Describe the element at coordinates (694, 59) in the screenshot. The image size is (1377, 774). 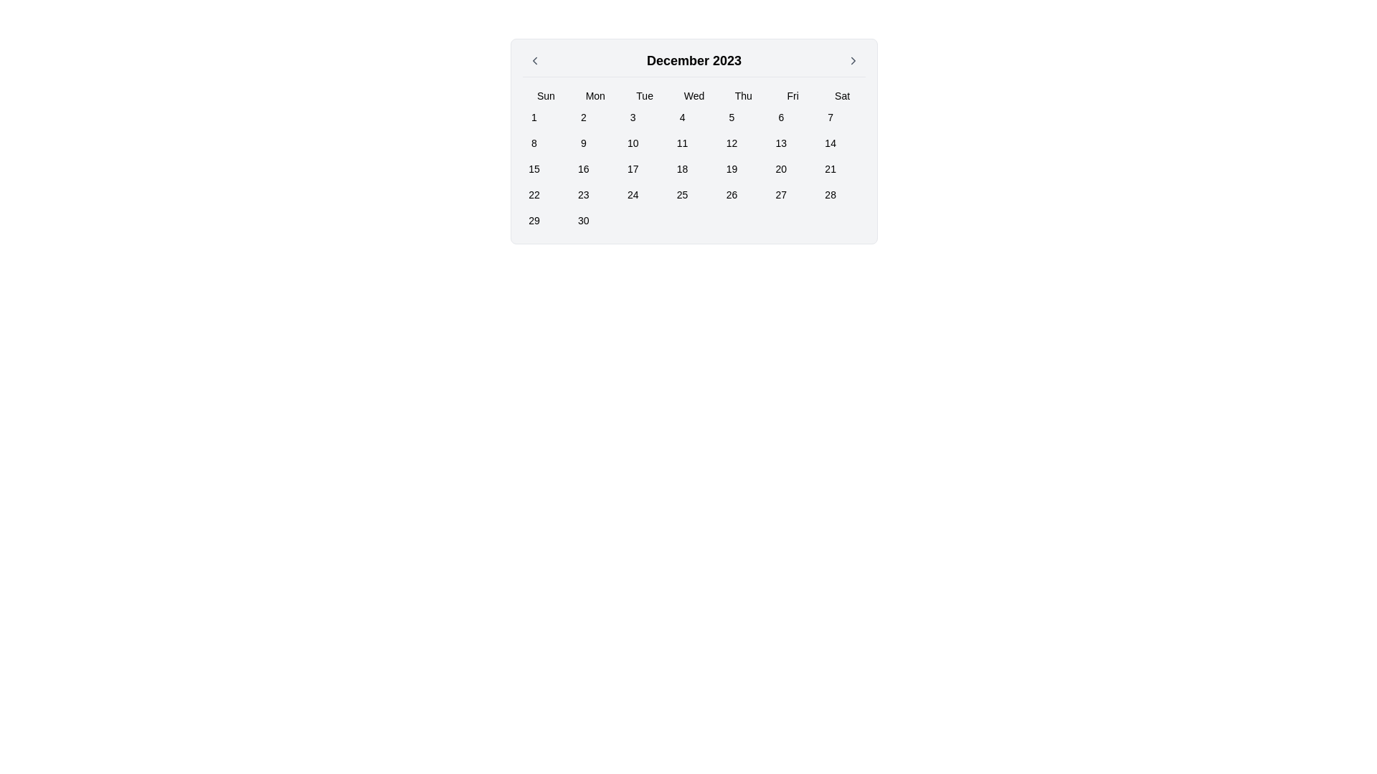
I see `the static text that indicates the currently displayed month and year in the calendar interface, located at the top of the calendar` at that location.